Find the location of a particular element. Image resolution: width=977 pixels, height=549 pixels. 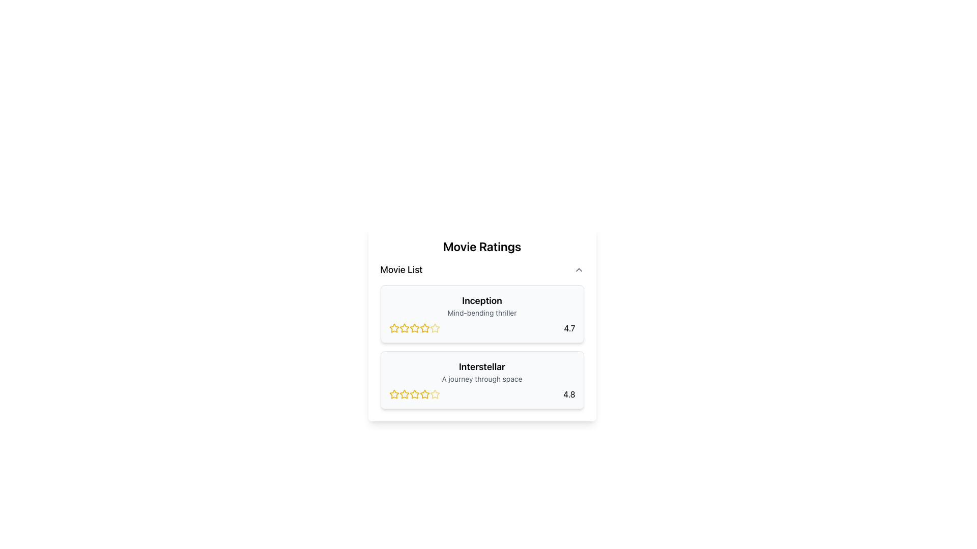

the faded star icon with a yellow outline, which is the last star in the group of five is located at coordinates (435, 328).